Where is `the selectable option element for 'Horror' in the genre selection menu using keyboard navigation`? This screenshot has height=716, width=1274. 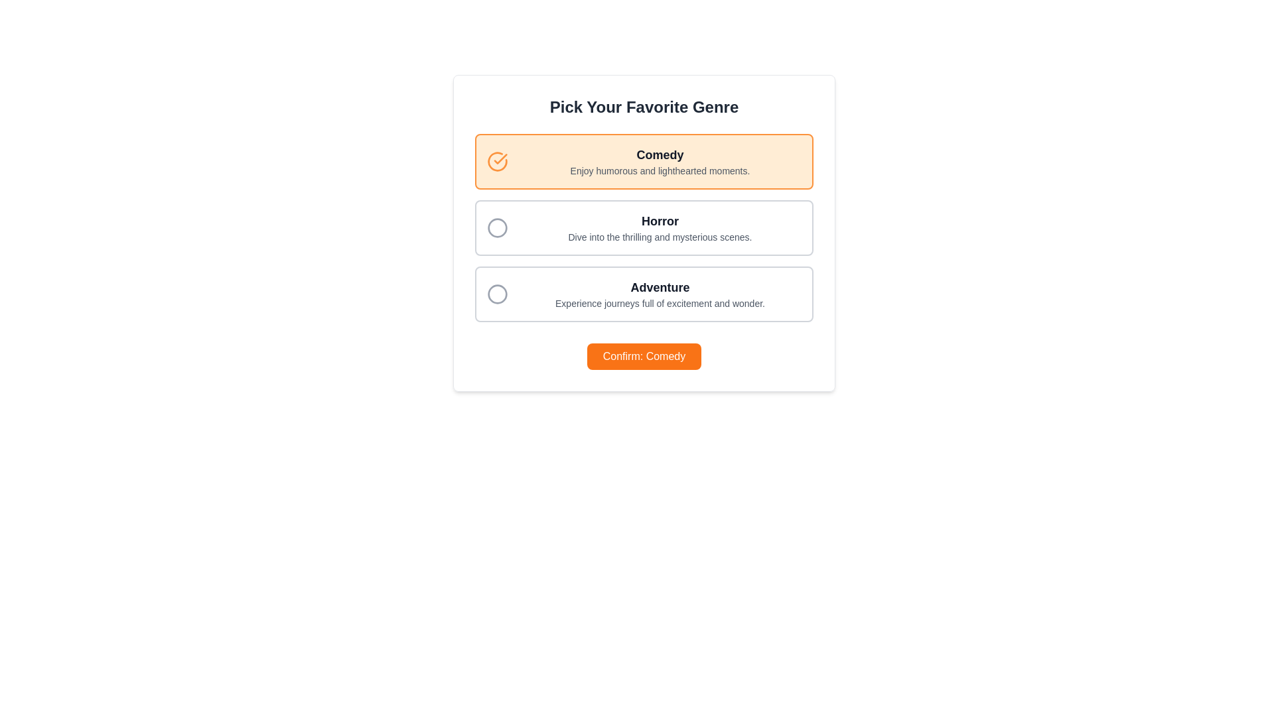 the selectable option element for 'Horror' in the genre selection menu using keyboard navigation is located at coordinates (644, 227).